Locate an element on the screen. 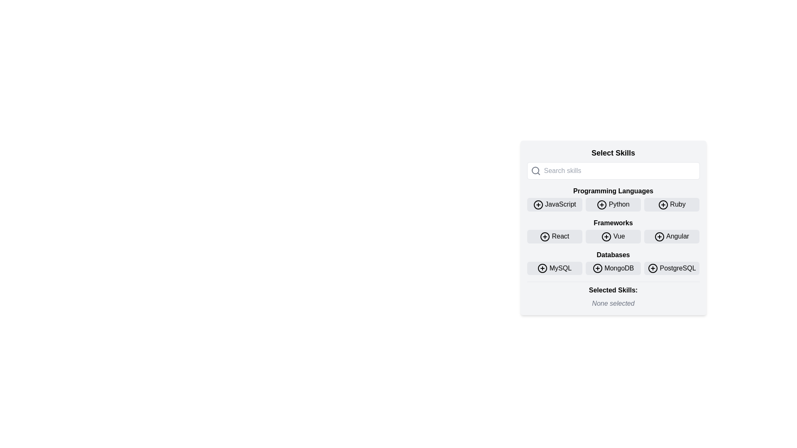 Image resolution: width=797 pixels, height=448 pixels. the 'MongoDB' button with a '+' icon is located at coordinates (613, 268).